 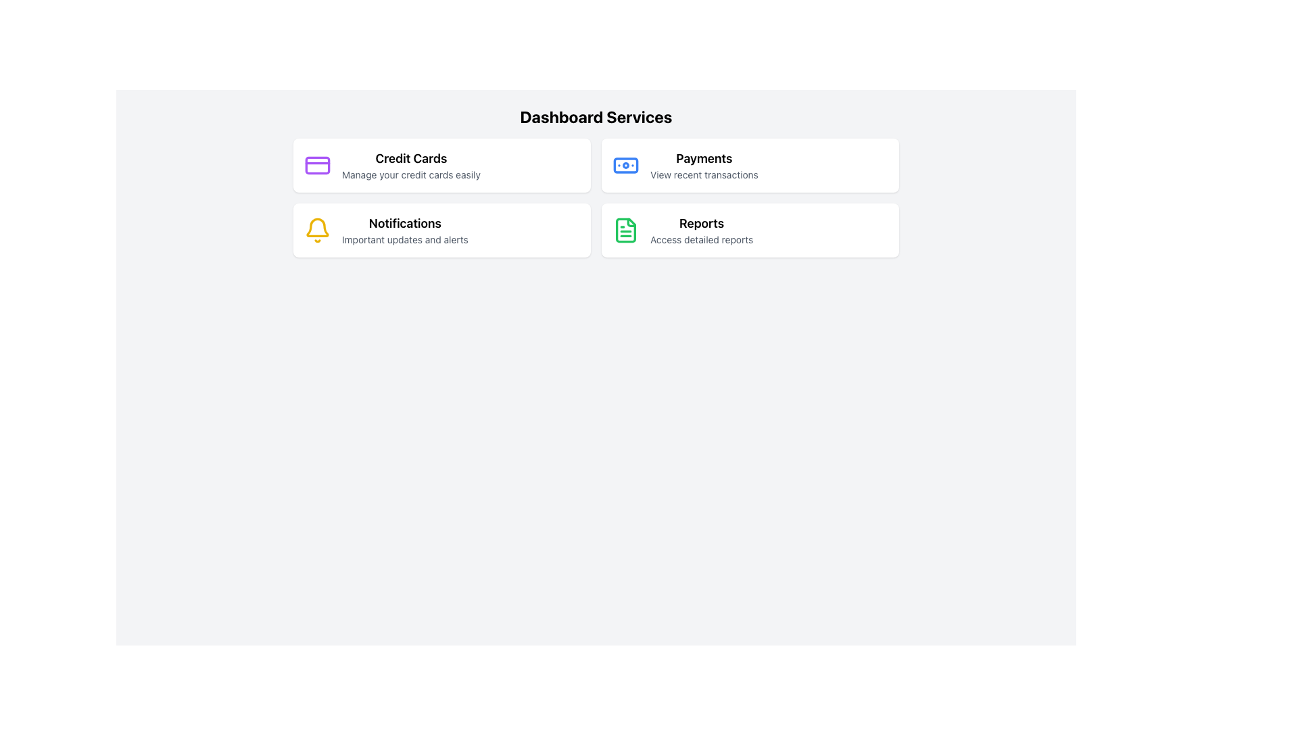 What do you see at coordinates (625, 165) in the screenshot?
I see `the SVG rectangle element that represents a decorative feature of the 'Payments' icon located in the second layout card of the top row, right column of the interface` at bounding box center [625, 165].